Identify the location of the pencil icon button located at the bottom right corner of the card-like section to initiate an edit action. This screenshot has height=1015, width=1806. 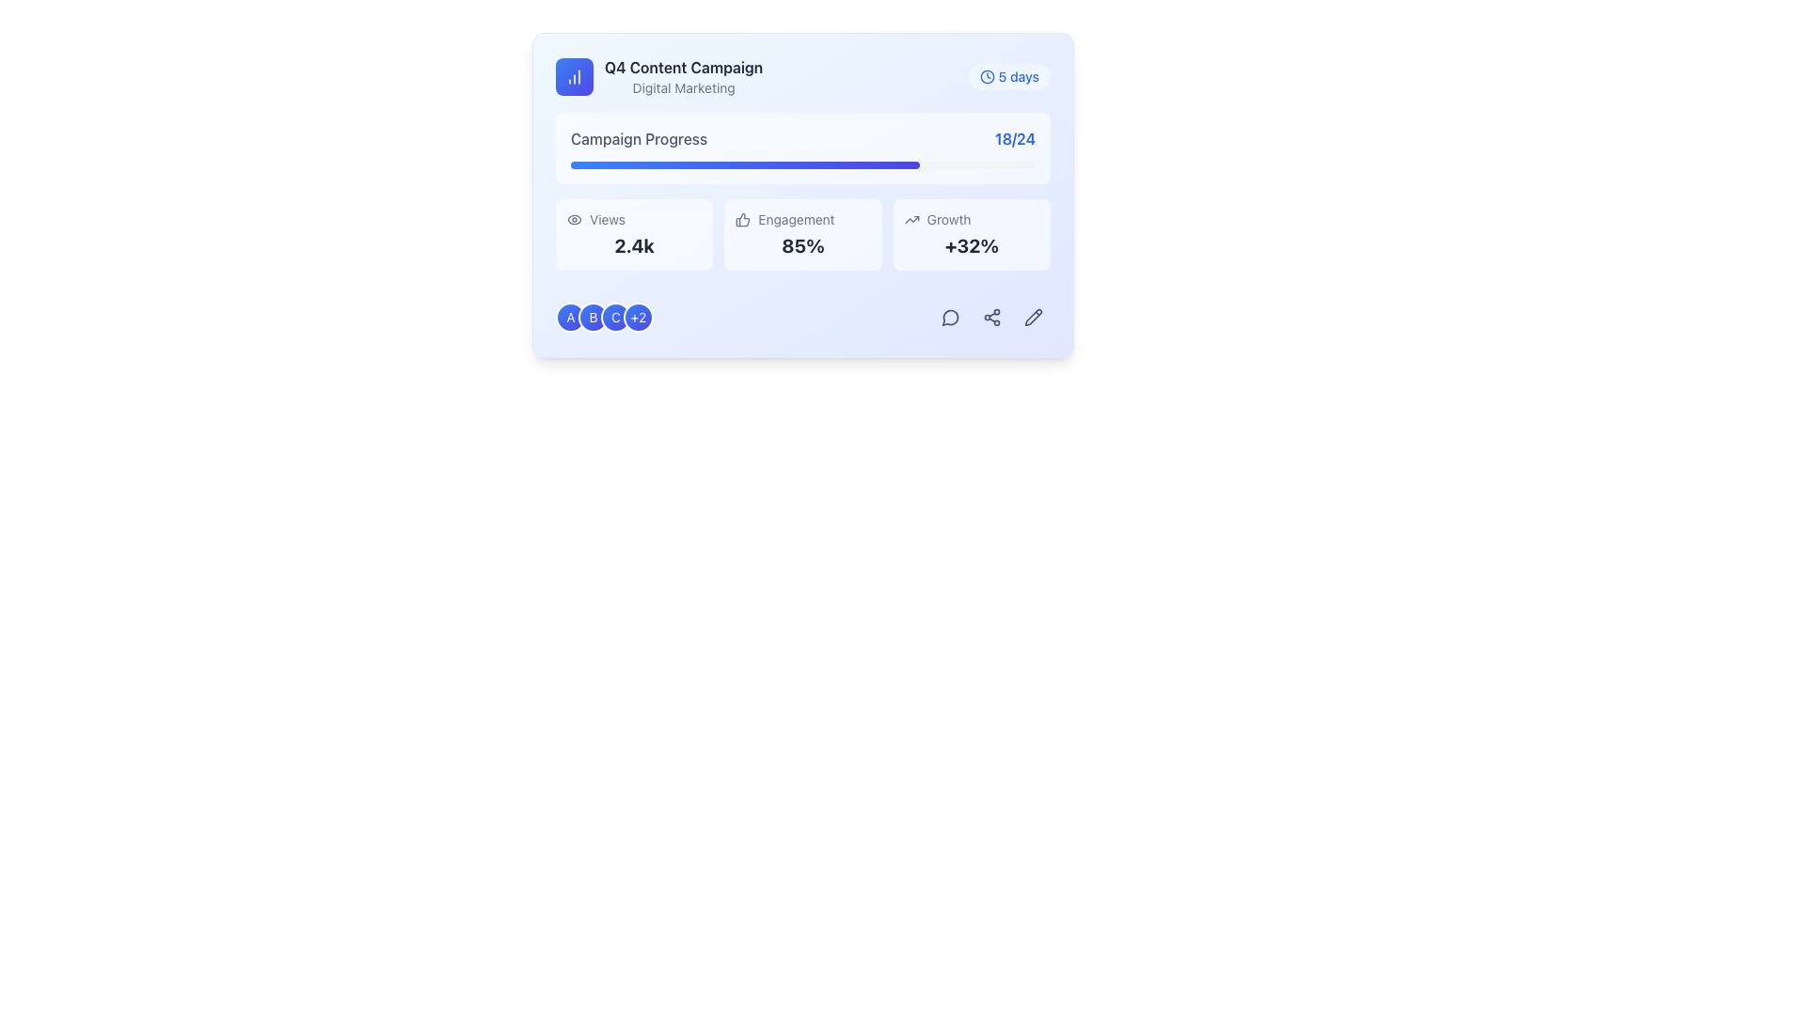
(1033, 317).